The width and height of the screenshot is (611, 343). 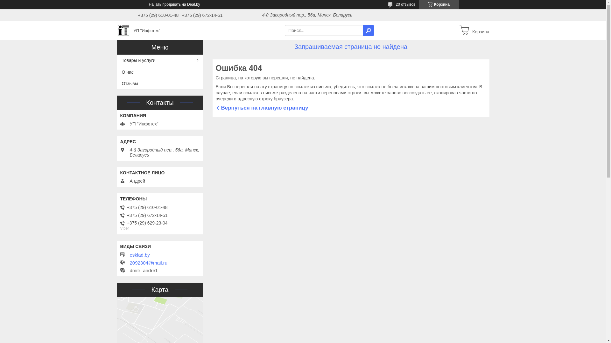 I want to click on '2092304@mail.ru', so click(x=148, y=263).